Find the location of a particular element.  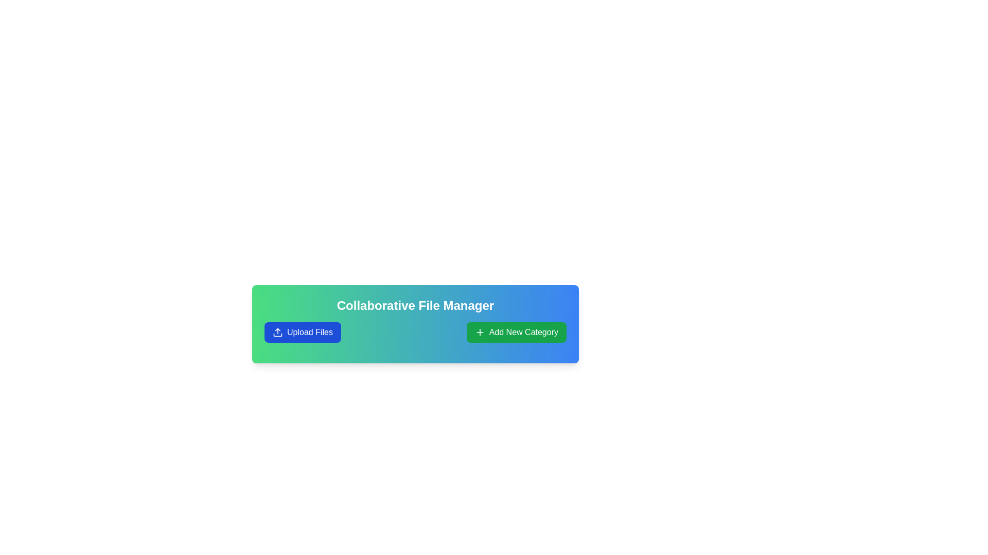

the icon representing a visual indicator for adding a new category, which is positioned to the left of the green 'Add New Category' button is located at coordinates (479, 332).